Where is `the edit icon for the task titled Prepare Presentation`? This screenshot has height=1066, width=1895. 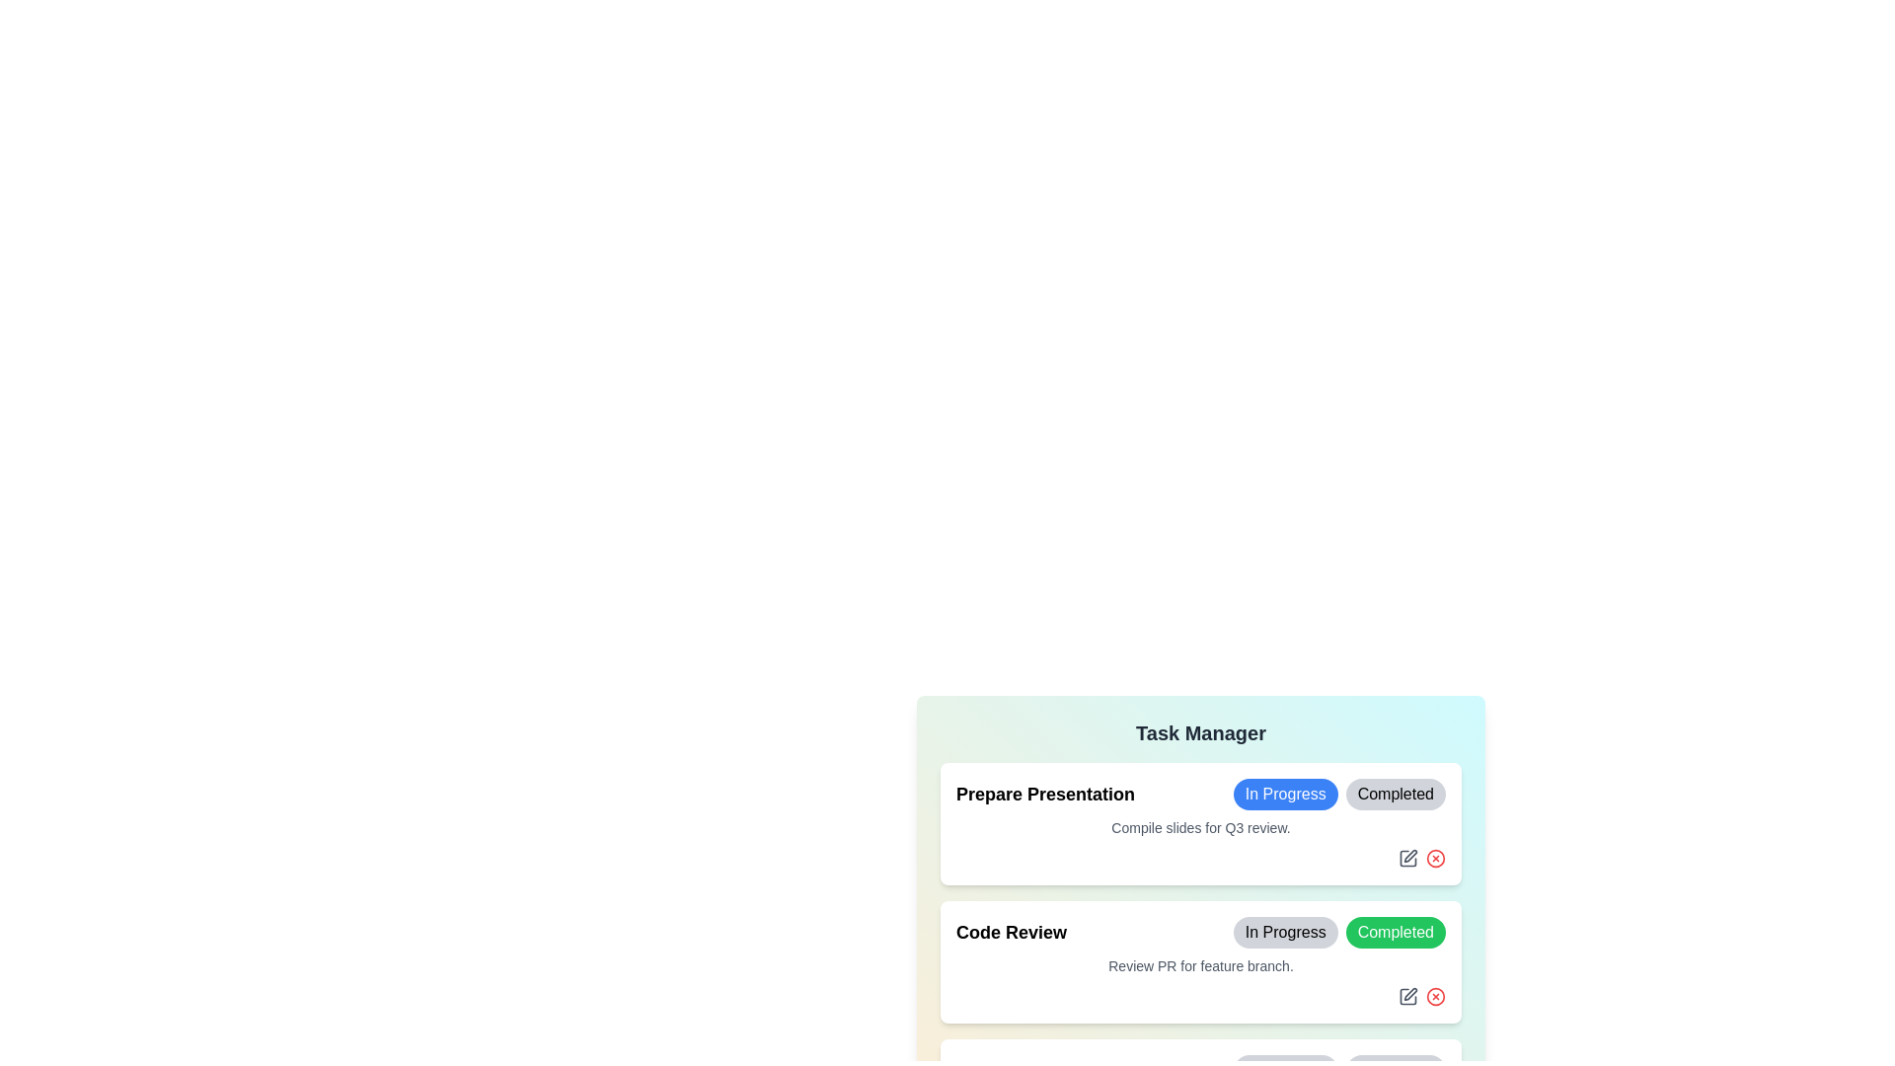
the edit icon for the task titled Prepare Presentation is located at coordinates (1406, 857).